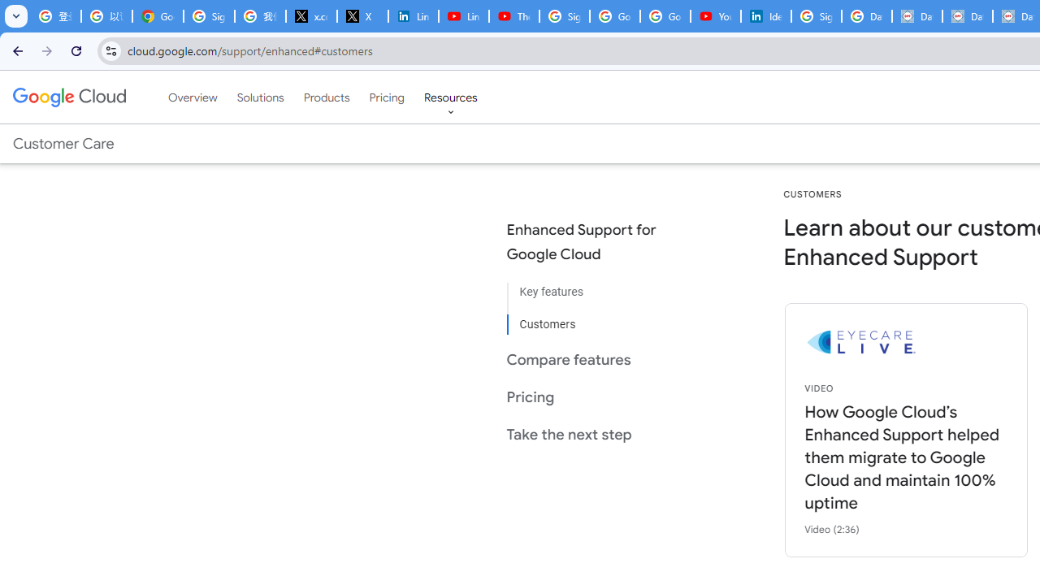 This screenshot has width=1040, height=585. I want to click on 'Google Cloud', so click(68, 97).